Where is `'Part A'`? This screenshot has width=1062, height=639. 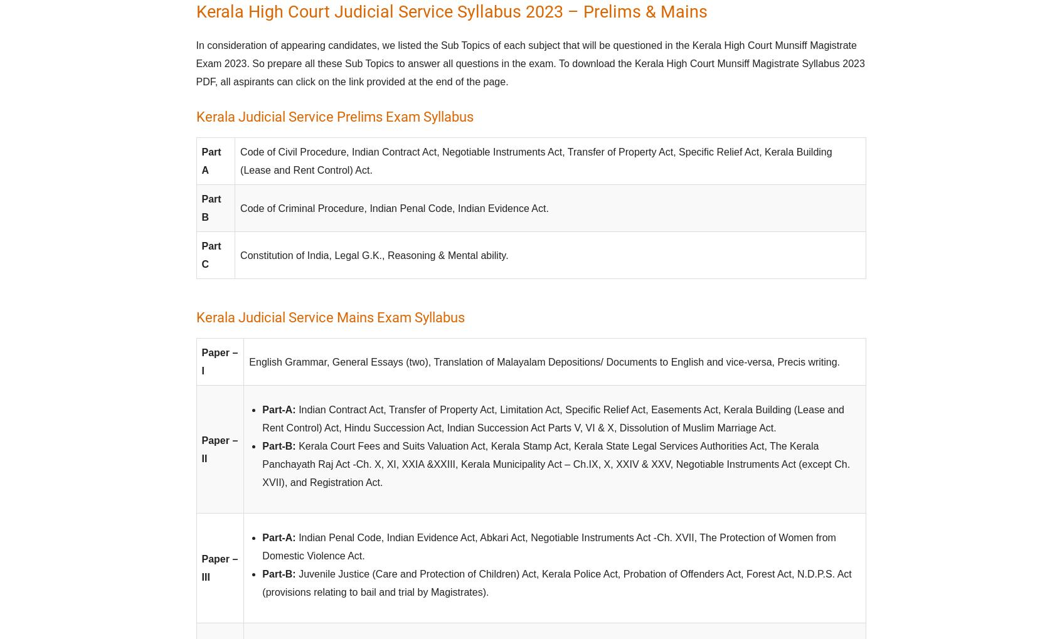 'Part A' is located at coordinates (211, 161).